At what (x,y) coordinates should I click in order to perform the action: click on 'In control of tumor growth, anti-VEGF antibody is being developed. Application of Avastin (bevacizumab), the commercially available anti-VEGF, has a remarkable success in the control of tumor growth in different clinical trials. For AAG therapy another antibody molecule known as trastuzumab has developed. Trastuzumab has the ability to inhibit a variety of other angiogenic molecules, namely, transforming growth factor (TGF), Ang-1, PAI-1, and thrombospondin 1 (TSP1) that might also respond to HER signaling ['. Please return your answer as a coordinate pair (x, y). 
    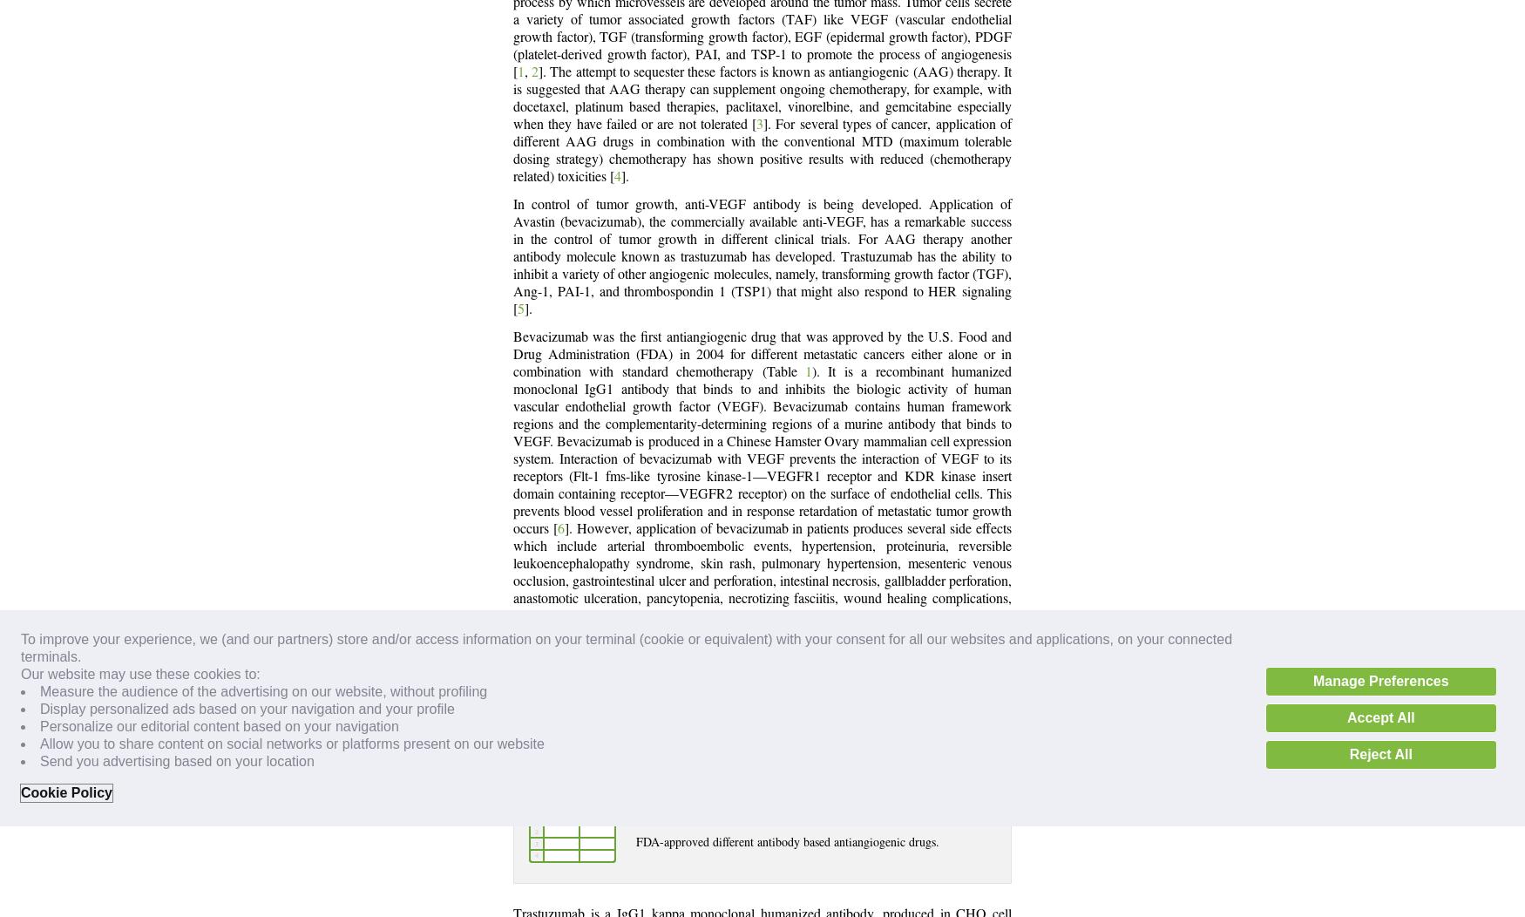
    Looking at the image, I should click on (762, 256).